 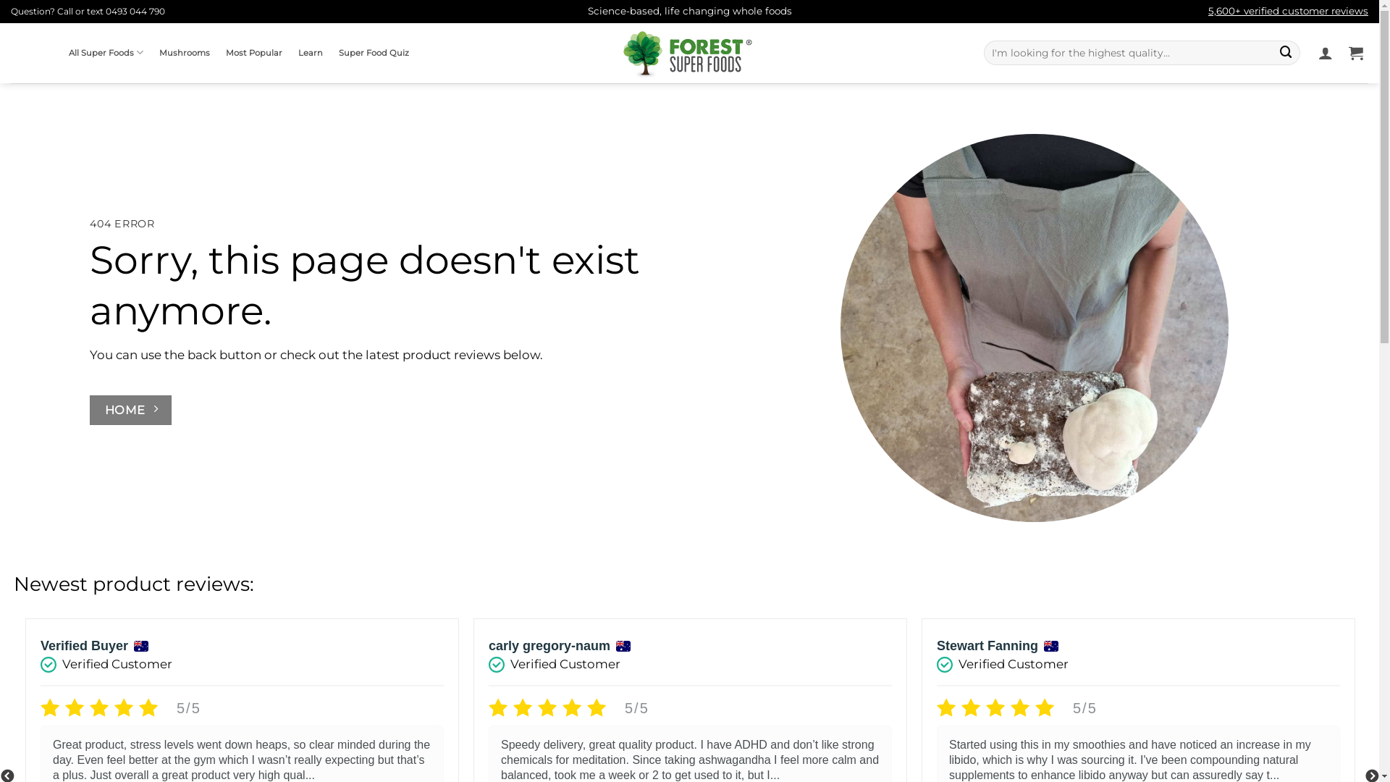 What do you see at coordinates (0, 0) in the screenshot?
I see `'Skip to content'` at bounding box center [0, 0].